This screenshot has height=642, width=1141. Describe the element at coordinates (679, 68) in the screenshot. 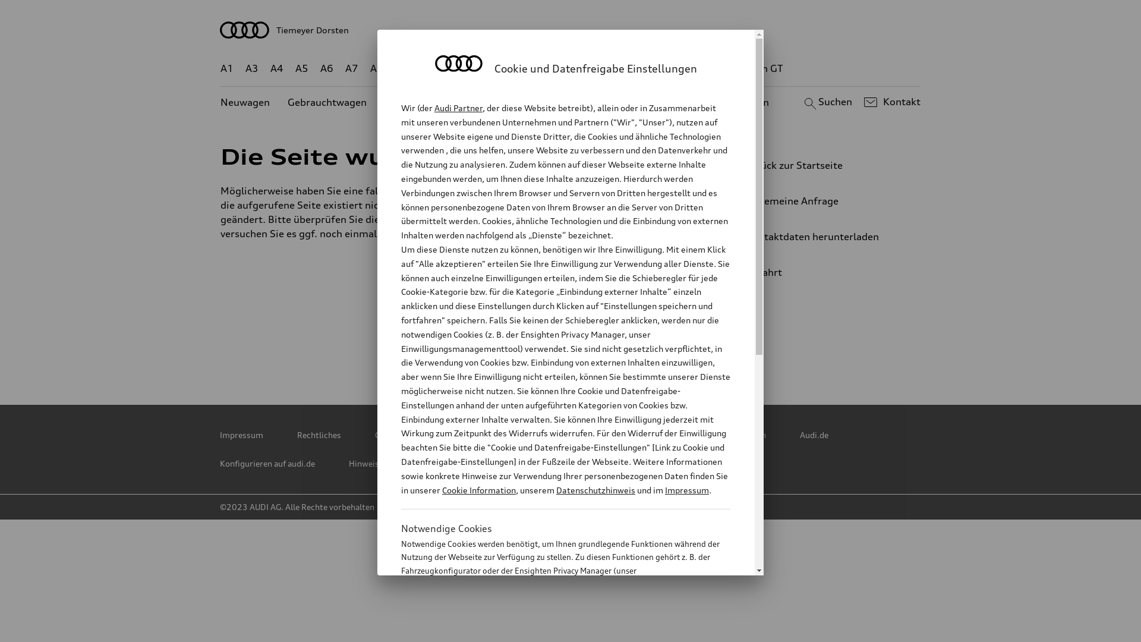

I see `'RS'` at that location.